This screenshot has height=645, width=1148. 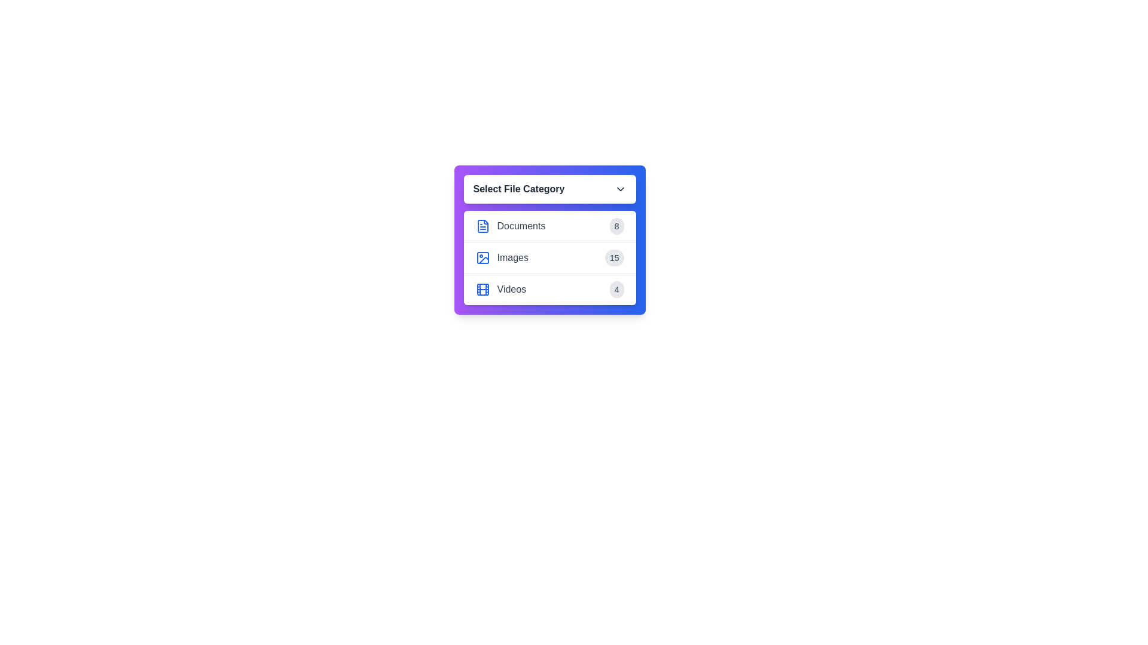 What do you see at coordinates (483, 226) in the screenshot?
I see `the 'Documents' category icon, which is the first icon in the vertical list within the 'Select File Category' section, positioned to the left of the text 'Documents'` at bounding box center [483, 226].